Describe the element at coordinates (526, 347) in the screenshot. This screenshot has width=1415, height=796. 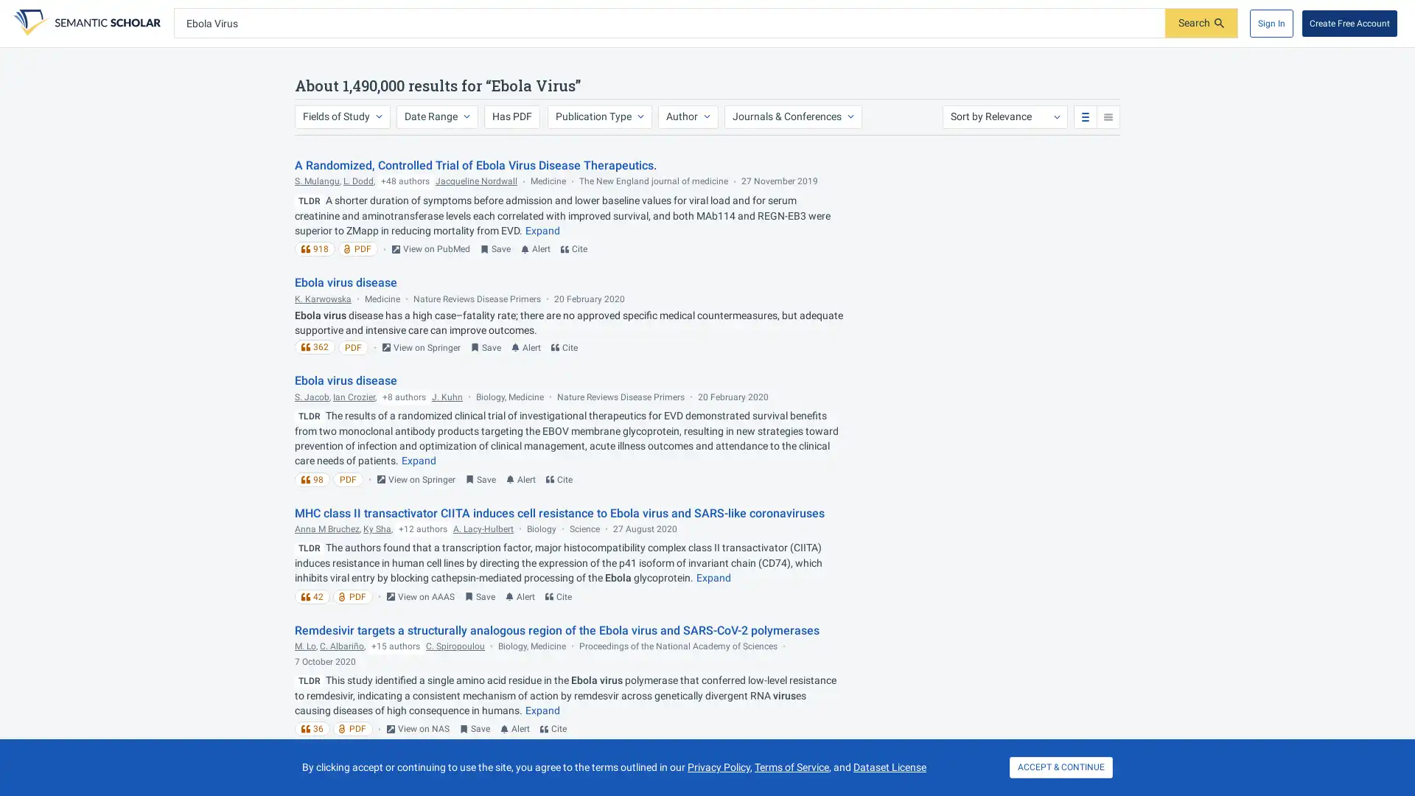
I see `Turn on email alert for this paper` at that location.